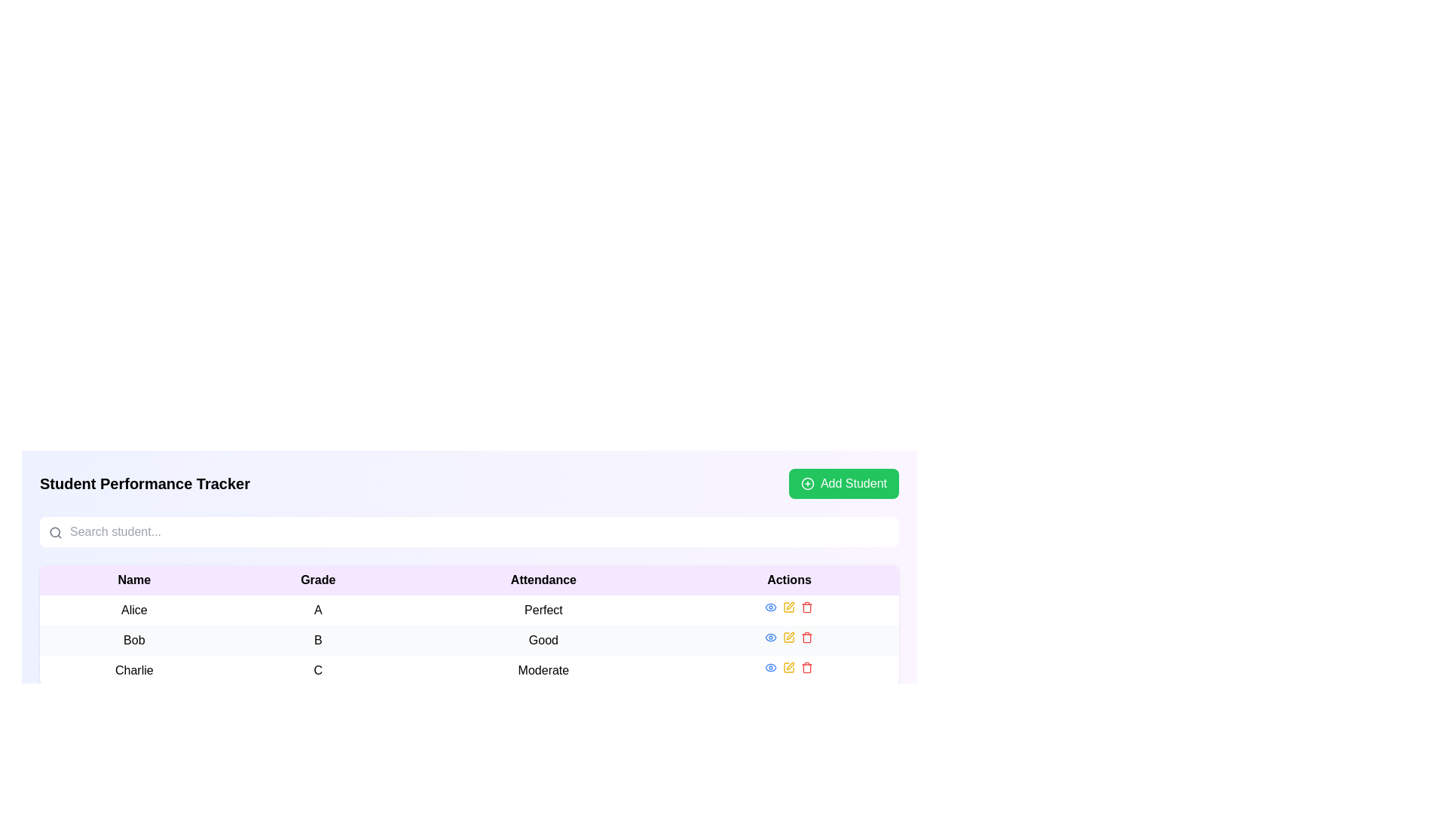 The height and width of the screenshot is (814, 1447). I want to click on the red-colored delete button represented by a trash can symbol in the bottom-right corner of the 'Actions' column in the last row of the table, so click(806, 667).